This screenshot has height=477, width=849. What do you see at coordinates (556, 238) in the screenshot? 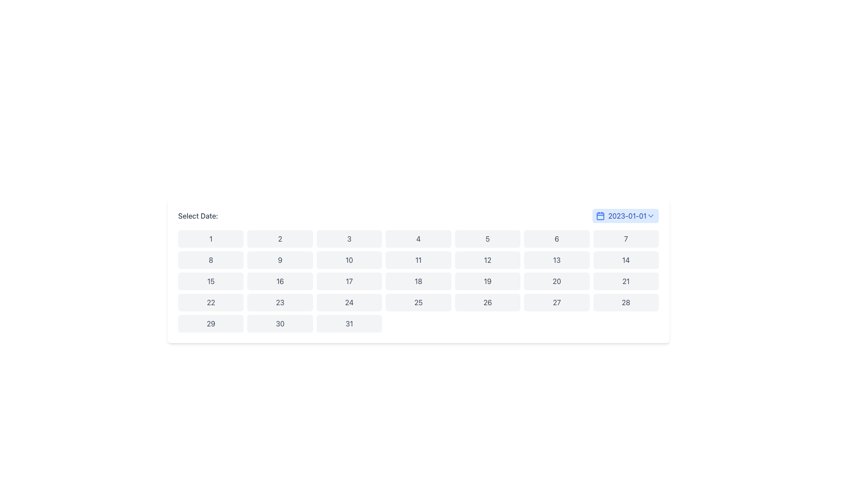
I see `the button labeled '6' located under the heading 'Select Date:'` at bounding box center [556, 238].